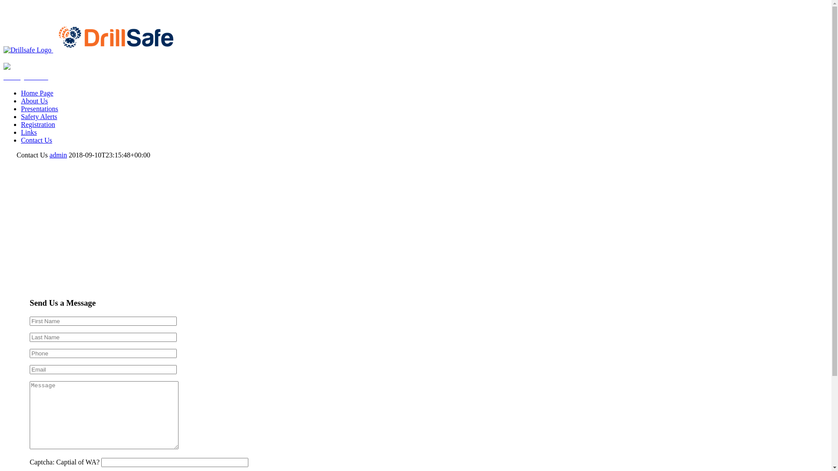 The width and height of the screenshot is (838, 471). I want to click on 'Registration', so click(37, 124).